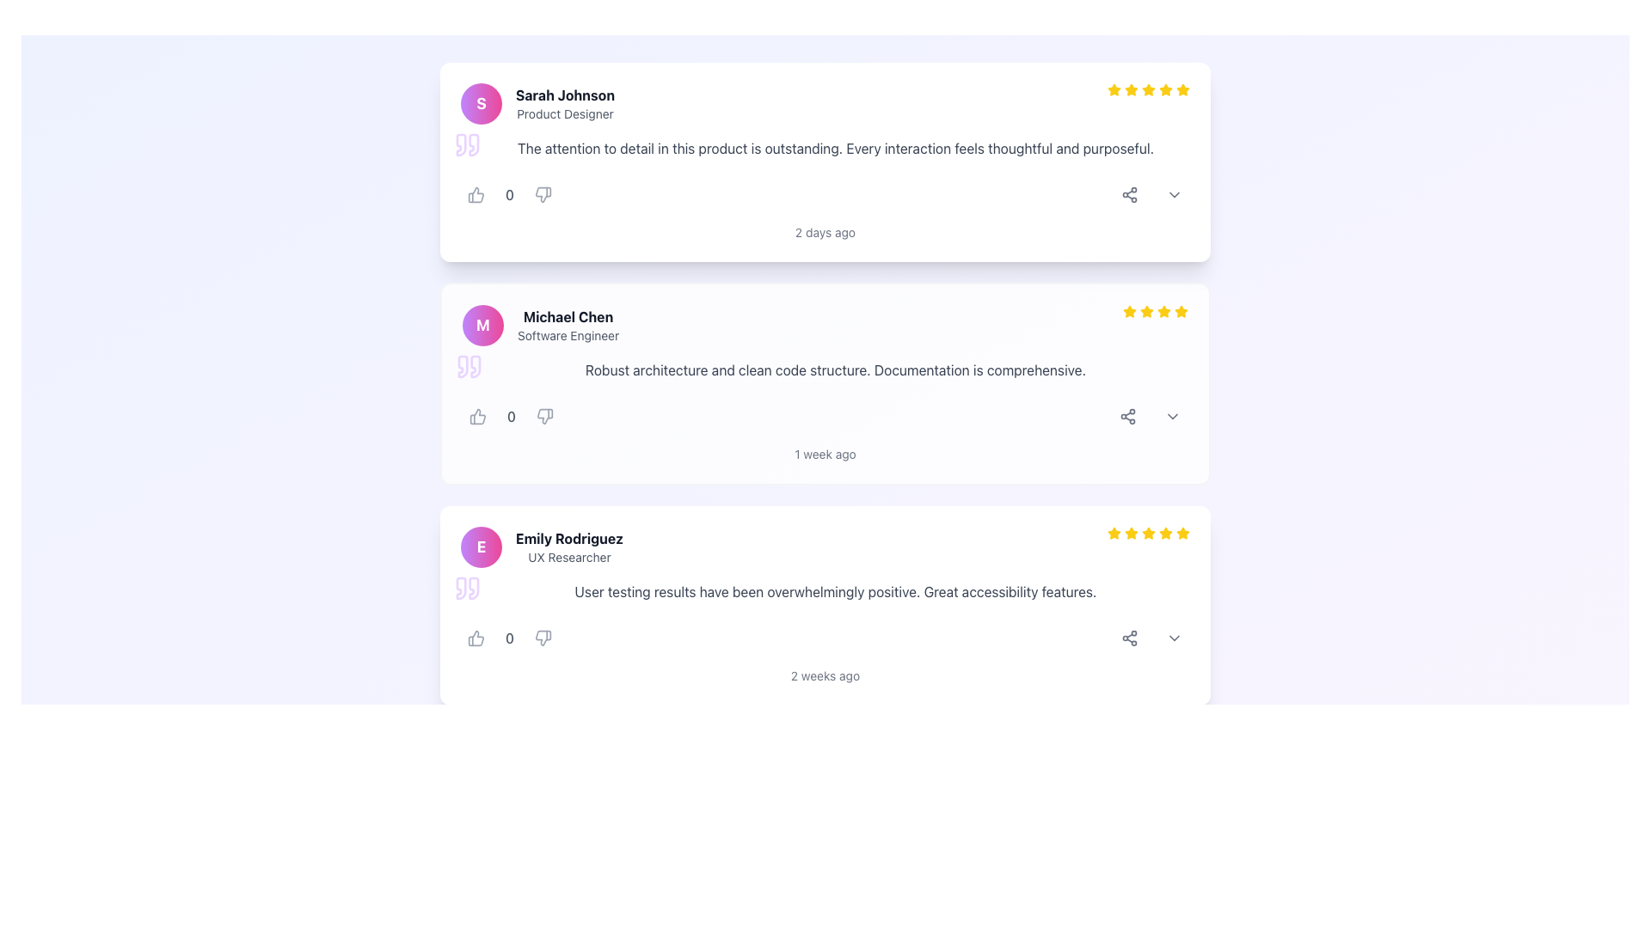  What do you see at coordinates (467, 588) in the screenshot?
I see `the Decorative icon that signifies a quotation or testimonial, located at the top-left corner of the quoted text box attributed to Emily Rodriguez` at bounding box center [467, 588].